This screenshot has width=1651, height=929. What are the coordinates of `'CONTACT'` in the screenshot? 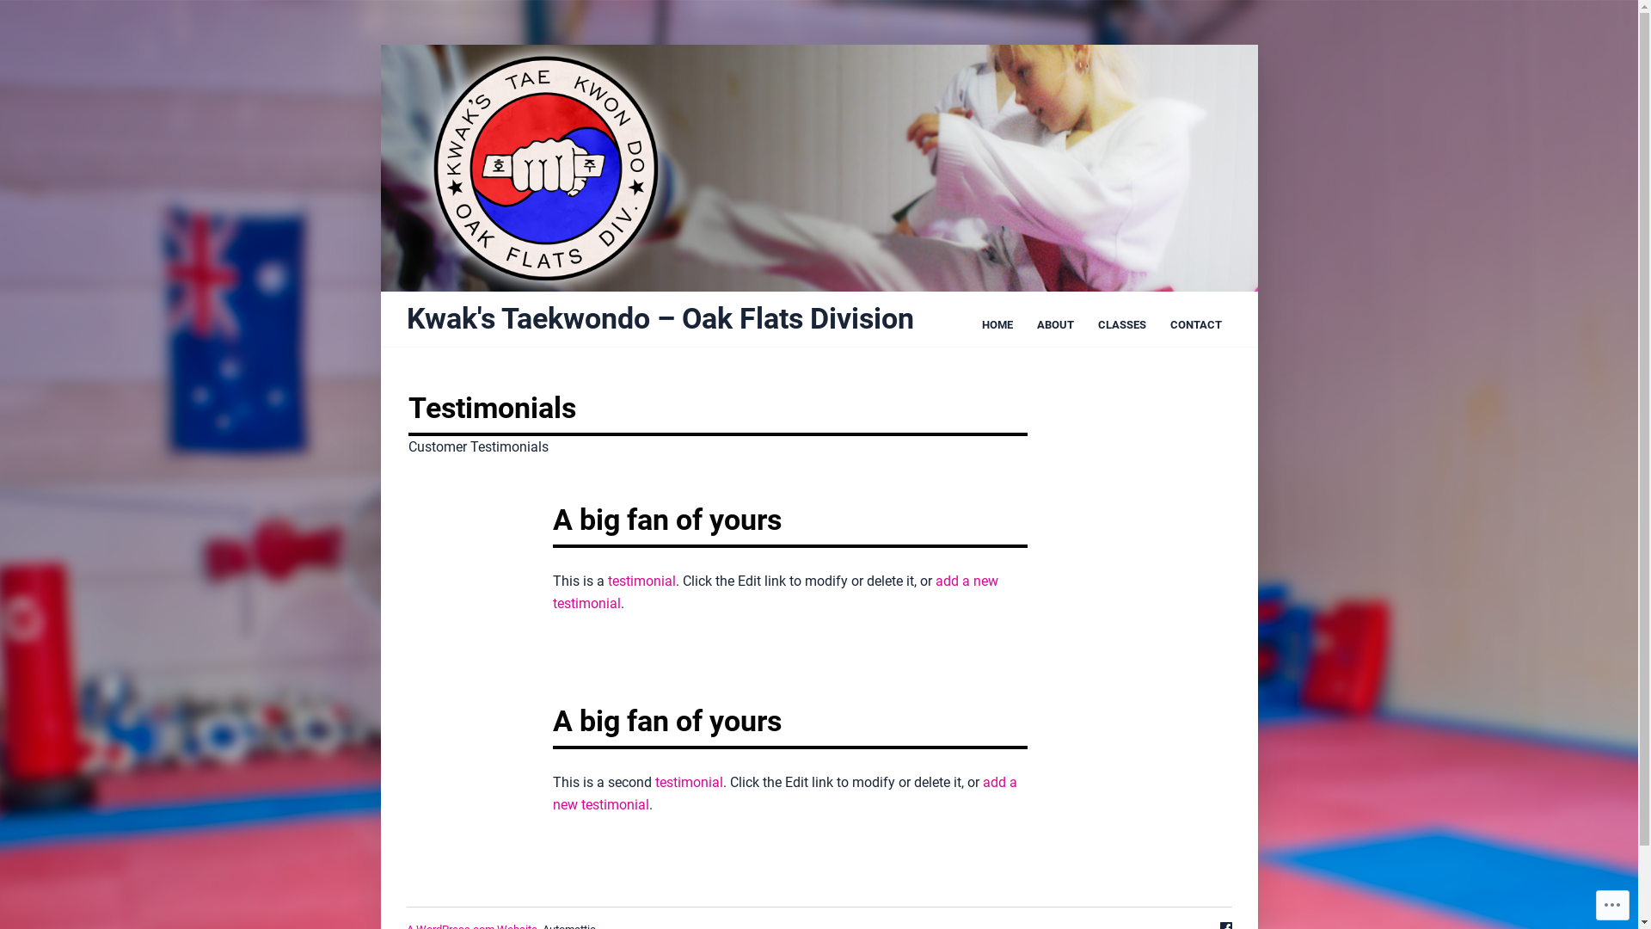 It's located at (1194, 324).